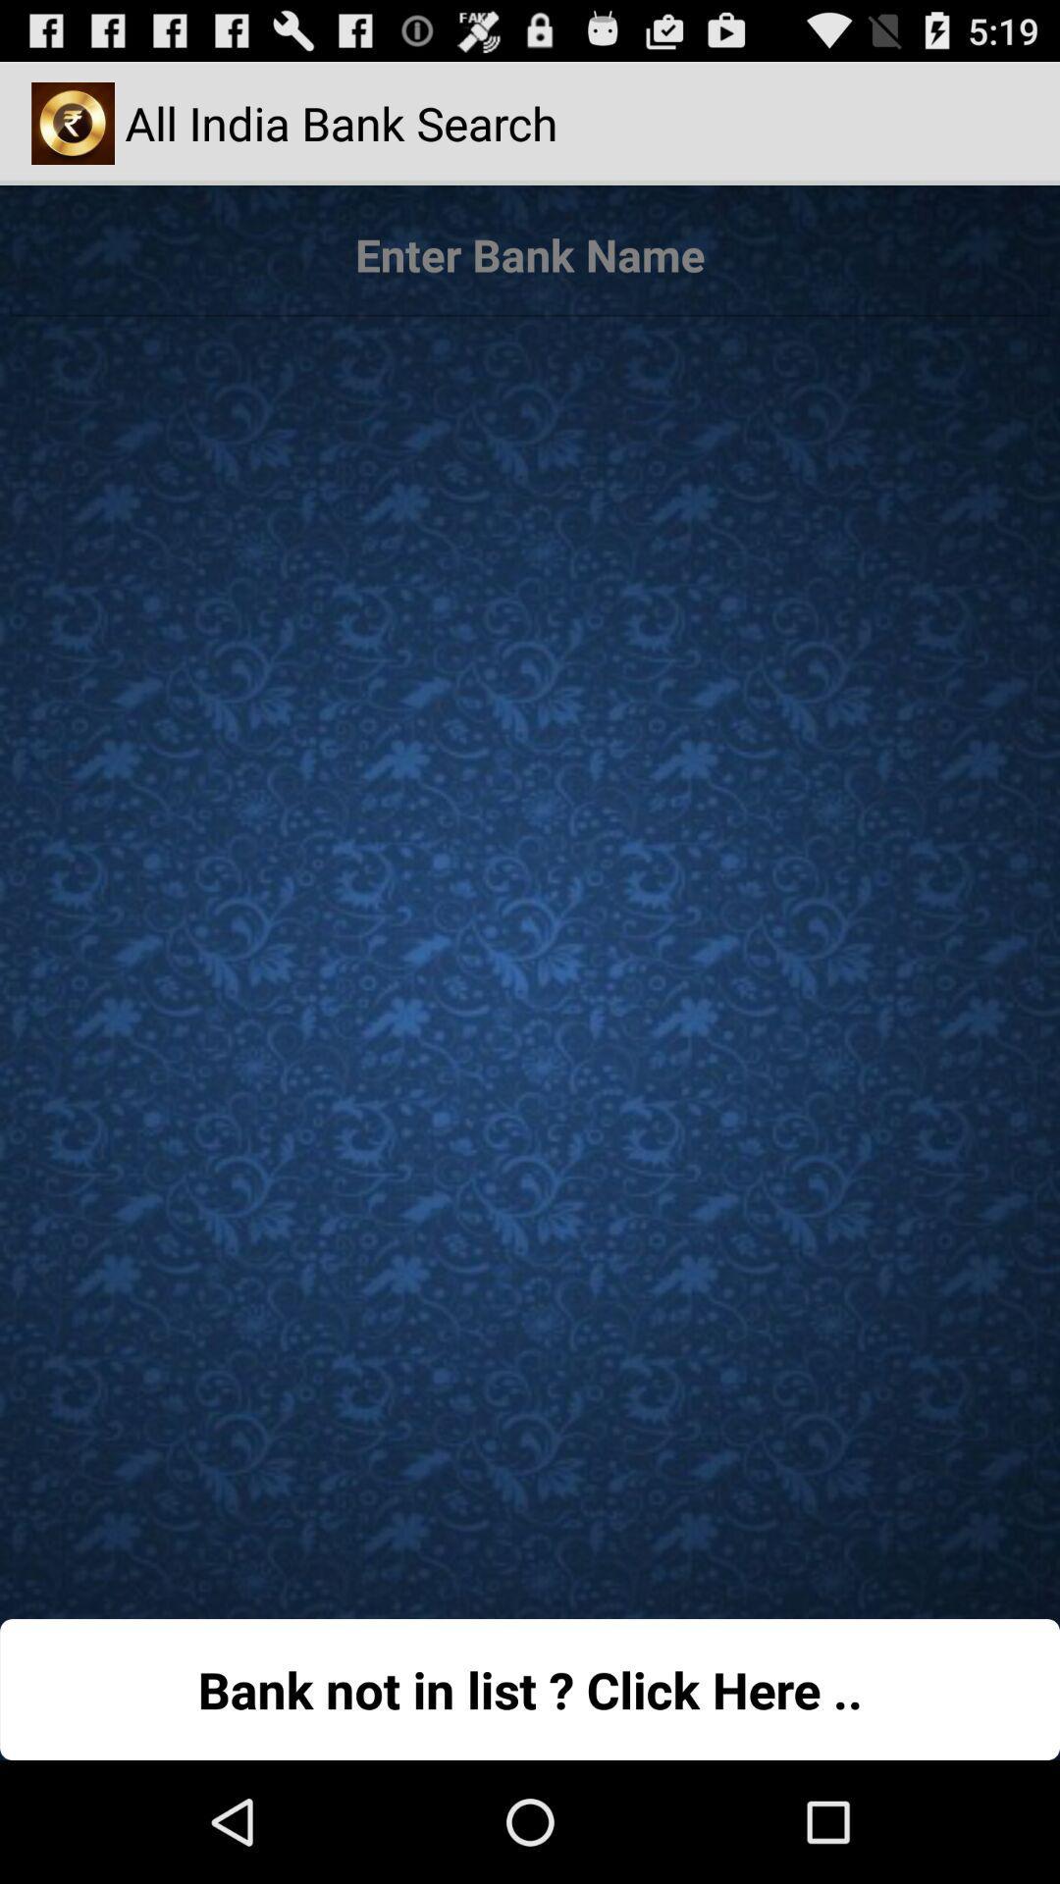 This screenshot has height=1884, width=1060. What do you see at coordinates (530, 1689) in the screenshot?
I see `bank not in item` at bounding box center [530, 1689].